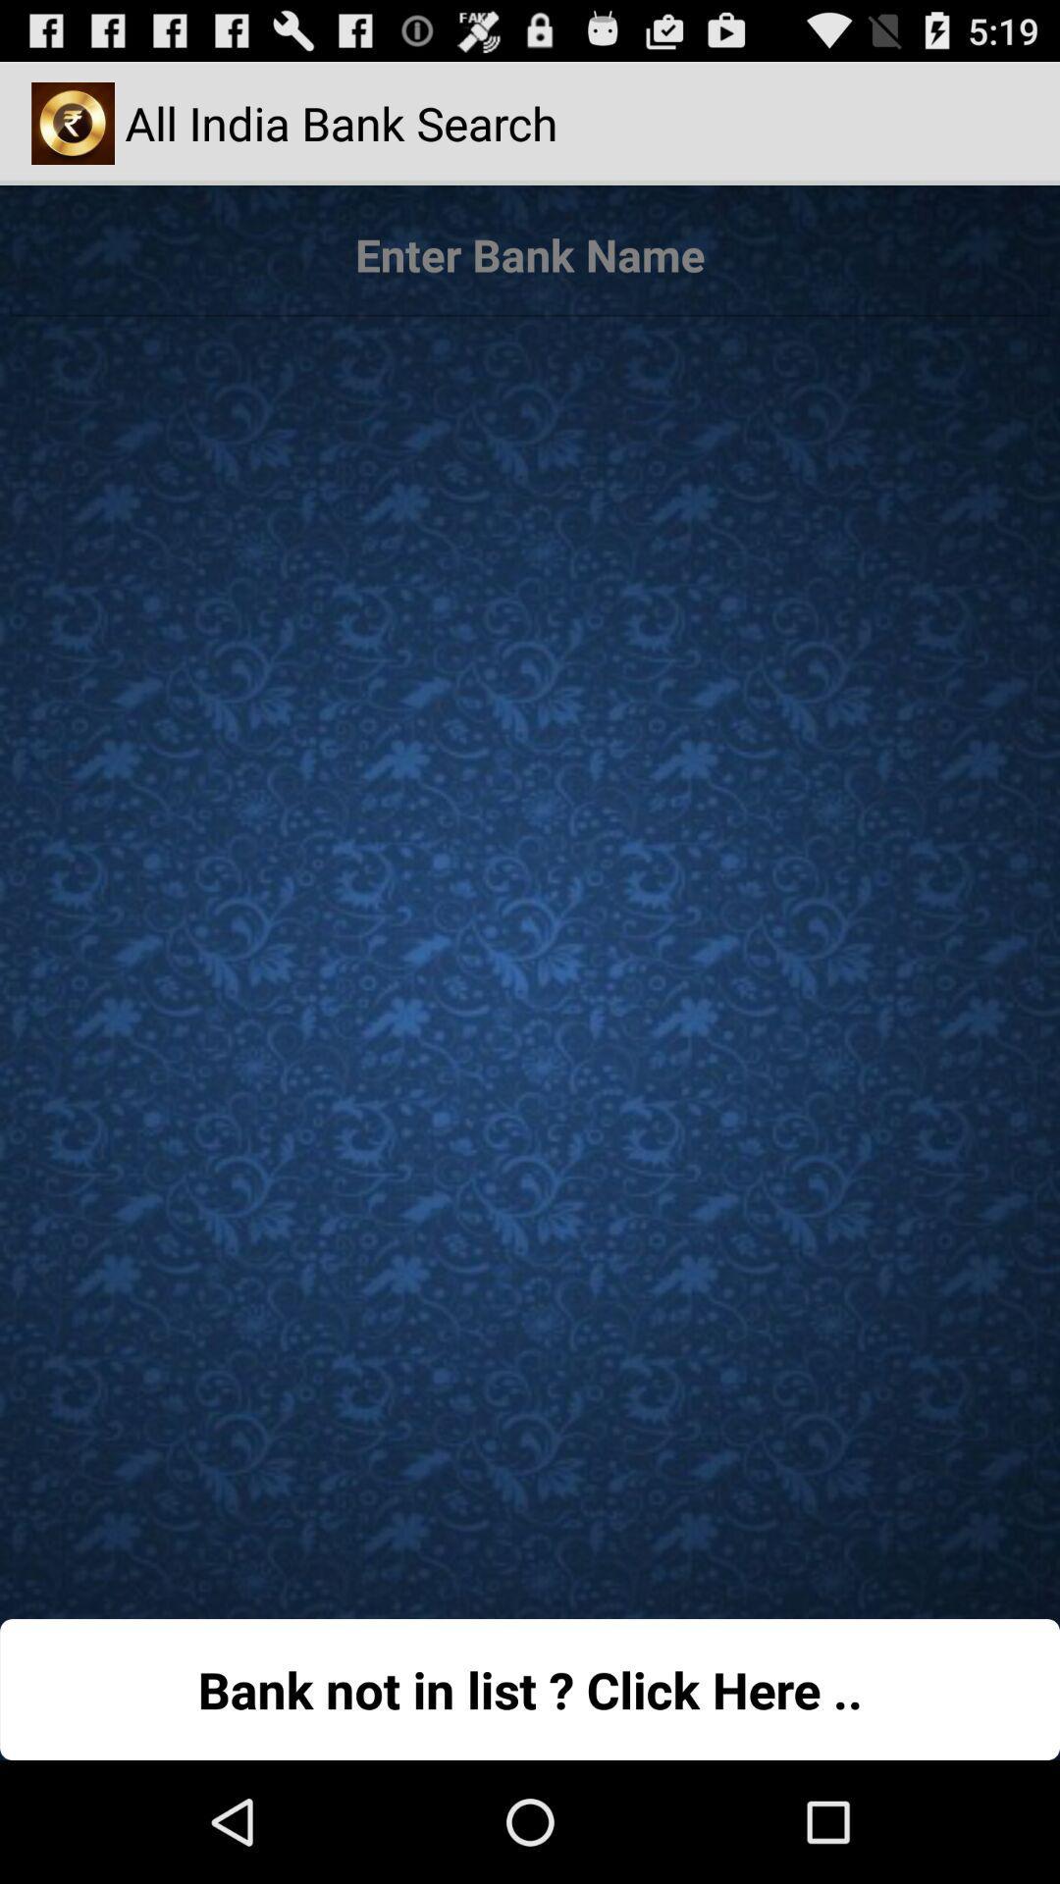 This screenshot has height=1884, width=1060. What do you see at coordinates (530, 1689) in the screenshot?
I see `bank not in item` at bounding box center [530, 1689].